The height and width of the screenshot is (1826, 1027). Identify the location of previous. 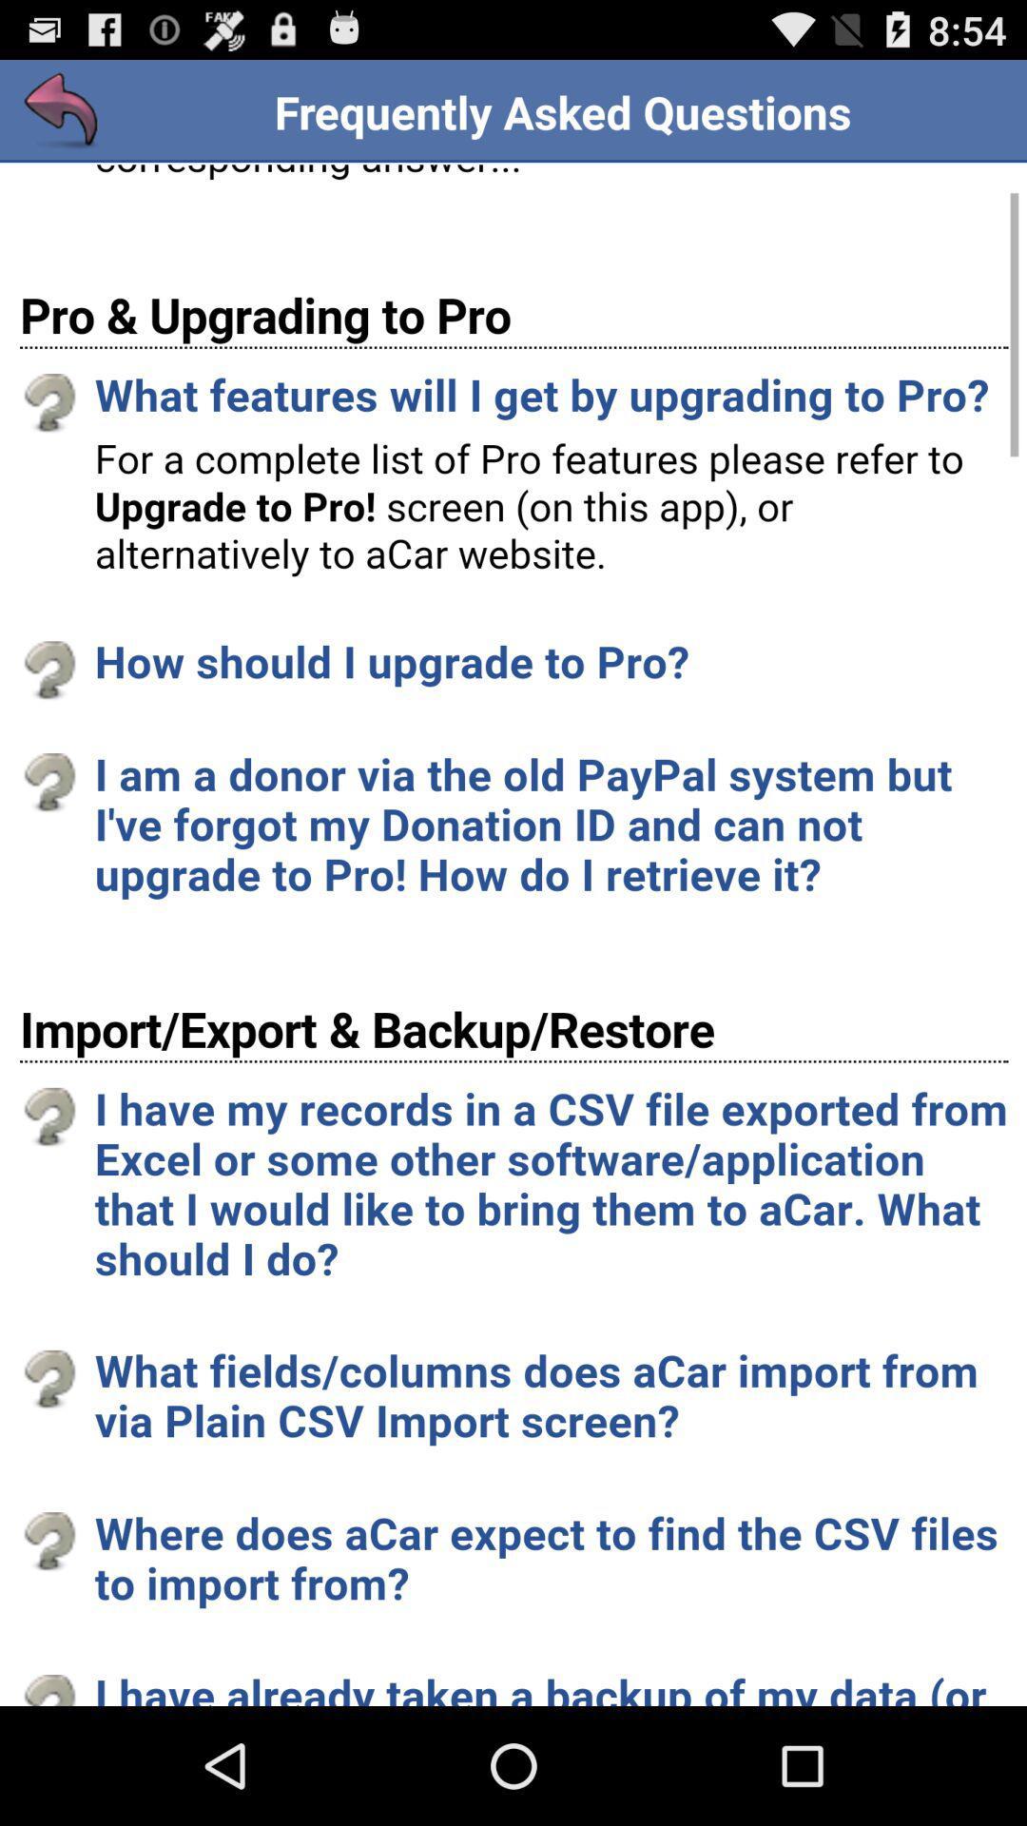
(61, 111).